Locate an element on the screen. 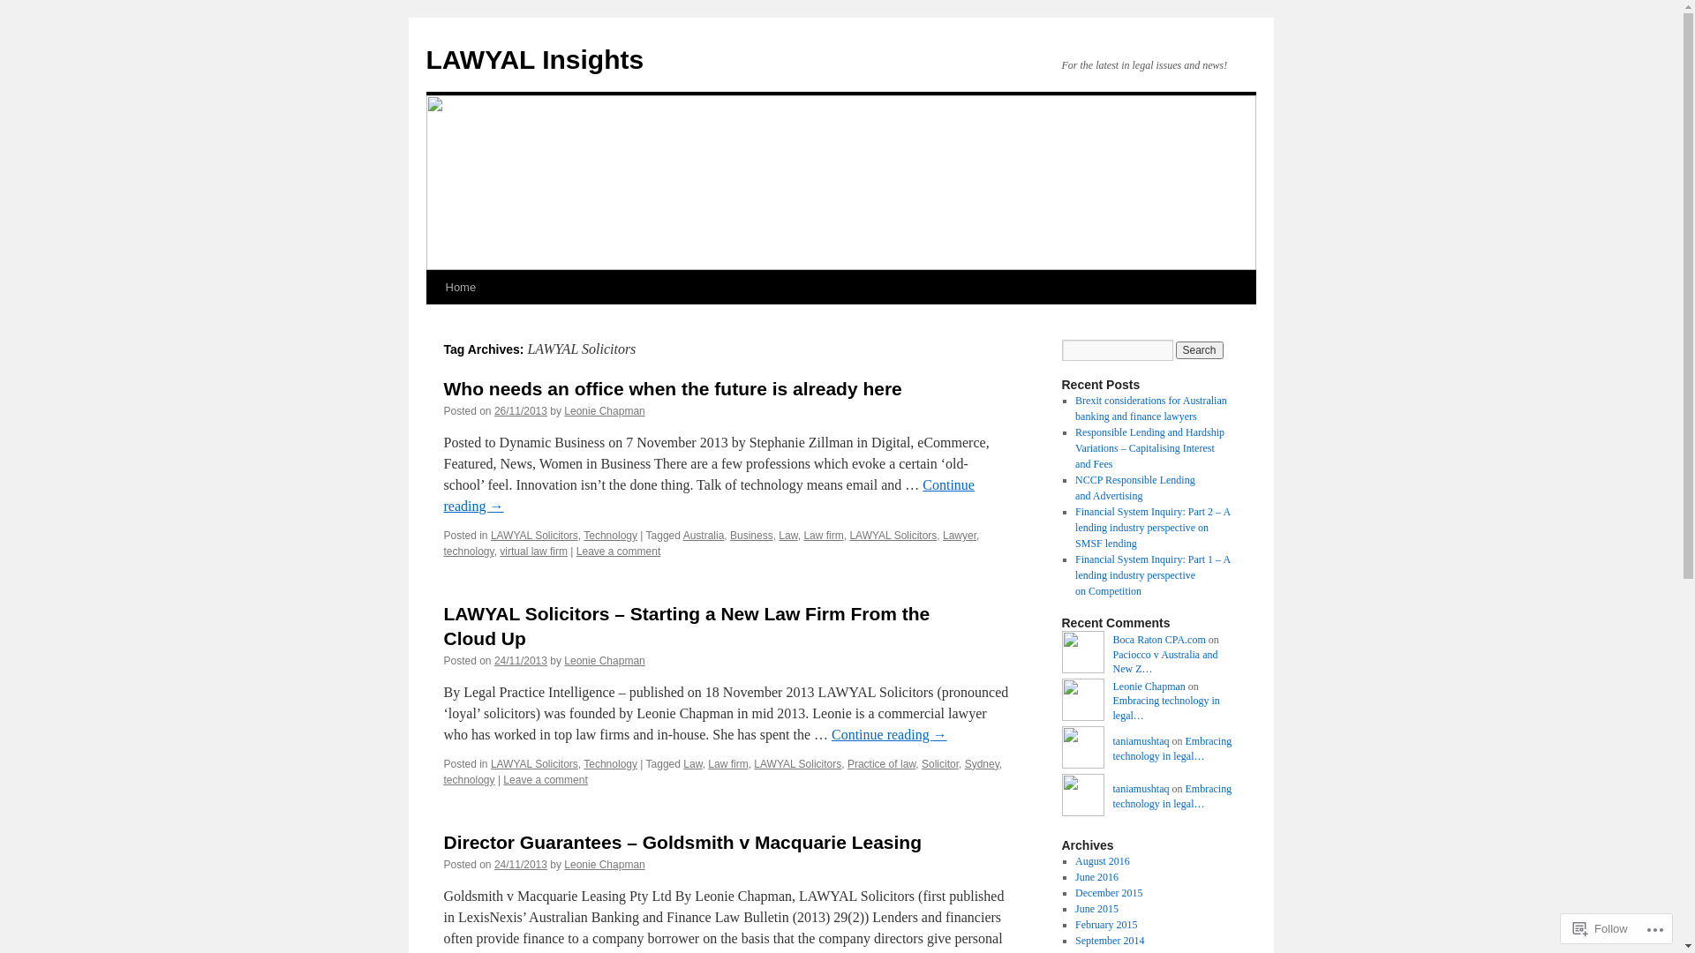 The height and width of the screenshot is (953, 1695). 'LAWYAL Solicitors' is located at coordinates (893, 534).